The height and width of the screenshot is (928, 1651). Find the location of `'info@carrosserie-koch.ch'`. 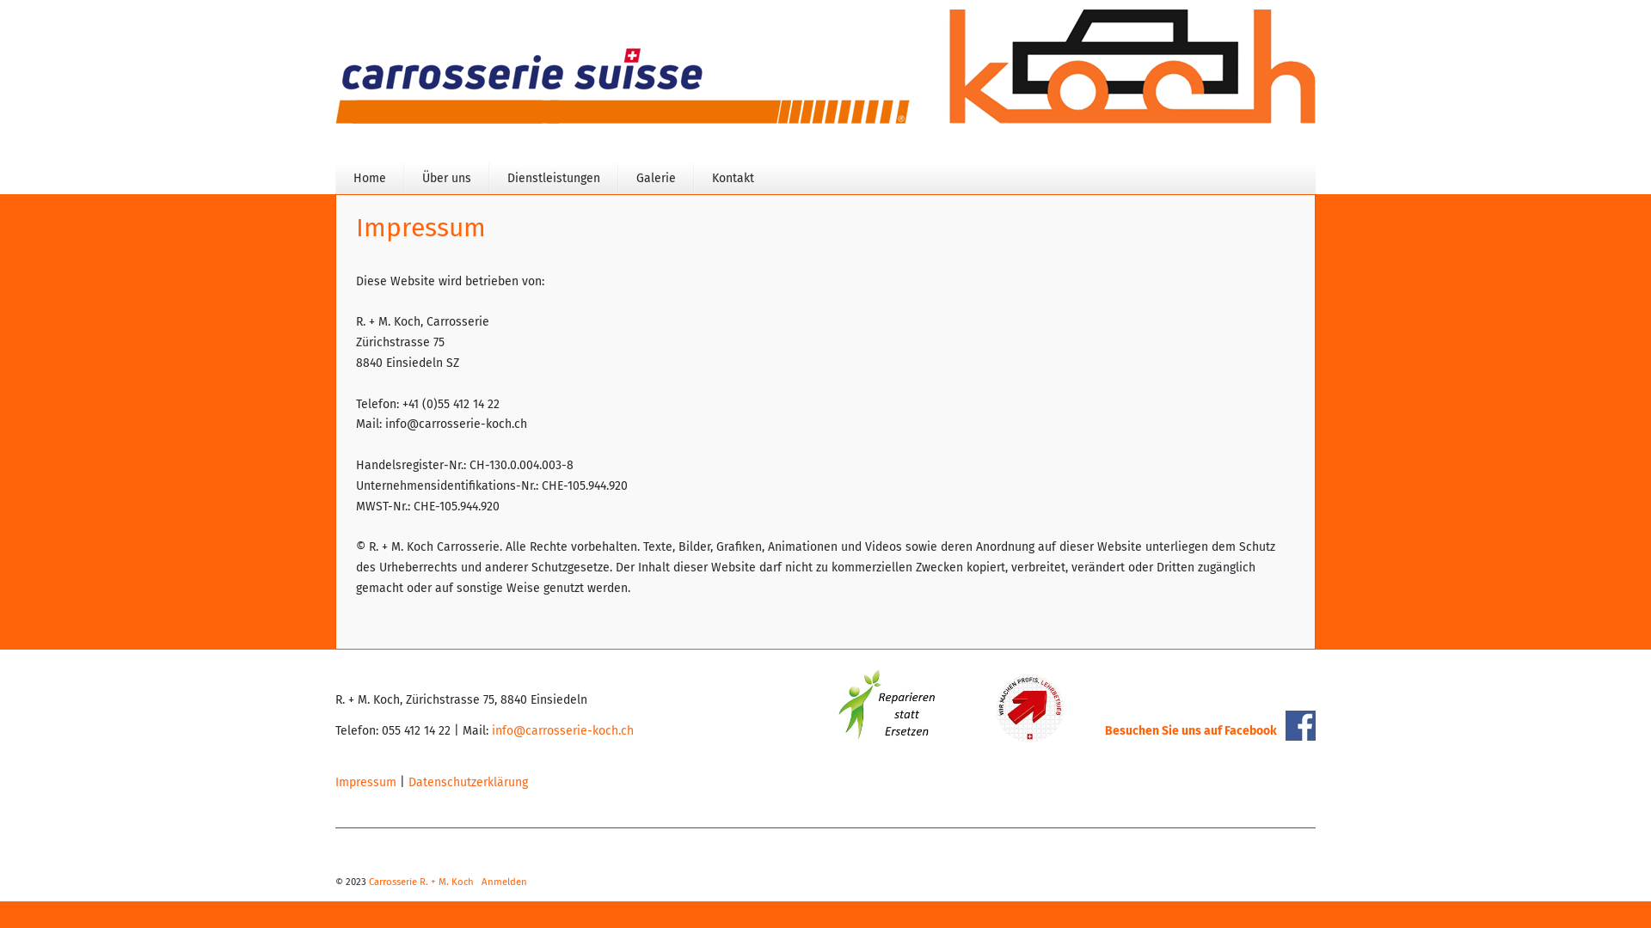

'info@carrosserie-koch.ch' is located at coordinates (562, 730).